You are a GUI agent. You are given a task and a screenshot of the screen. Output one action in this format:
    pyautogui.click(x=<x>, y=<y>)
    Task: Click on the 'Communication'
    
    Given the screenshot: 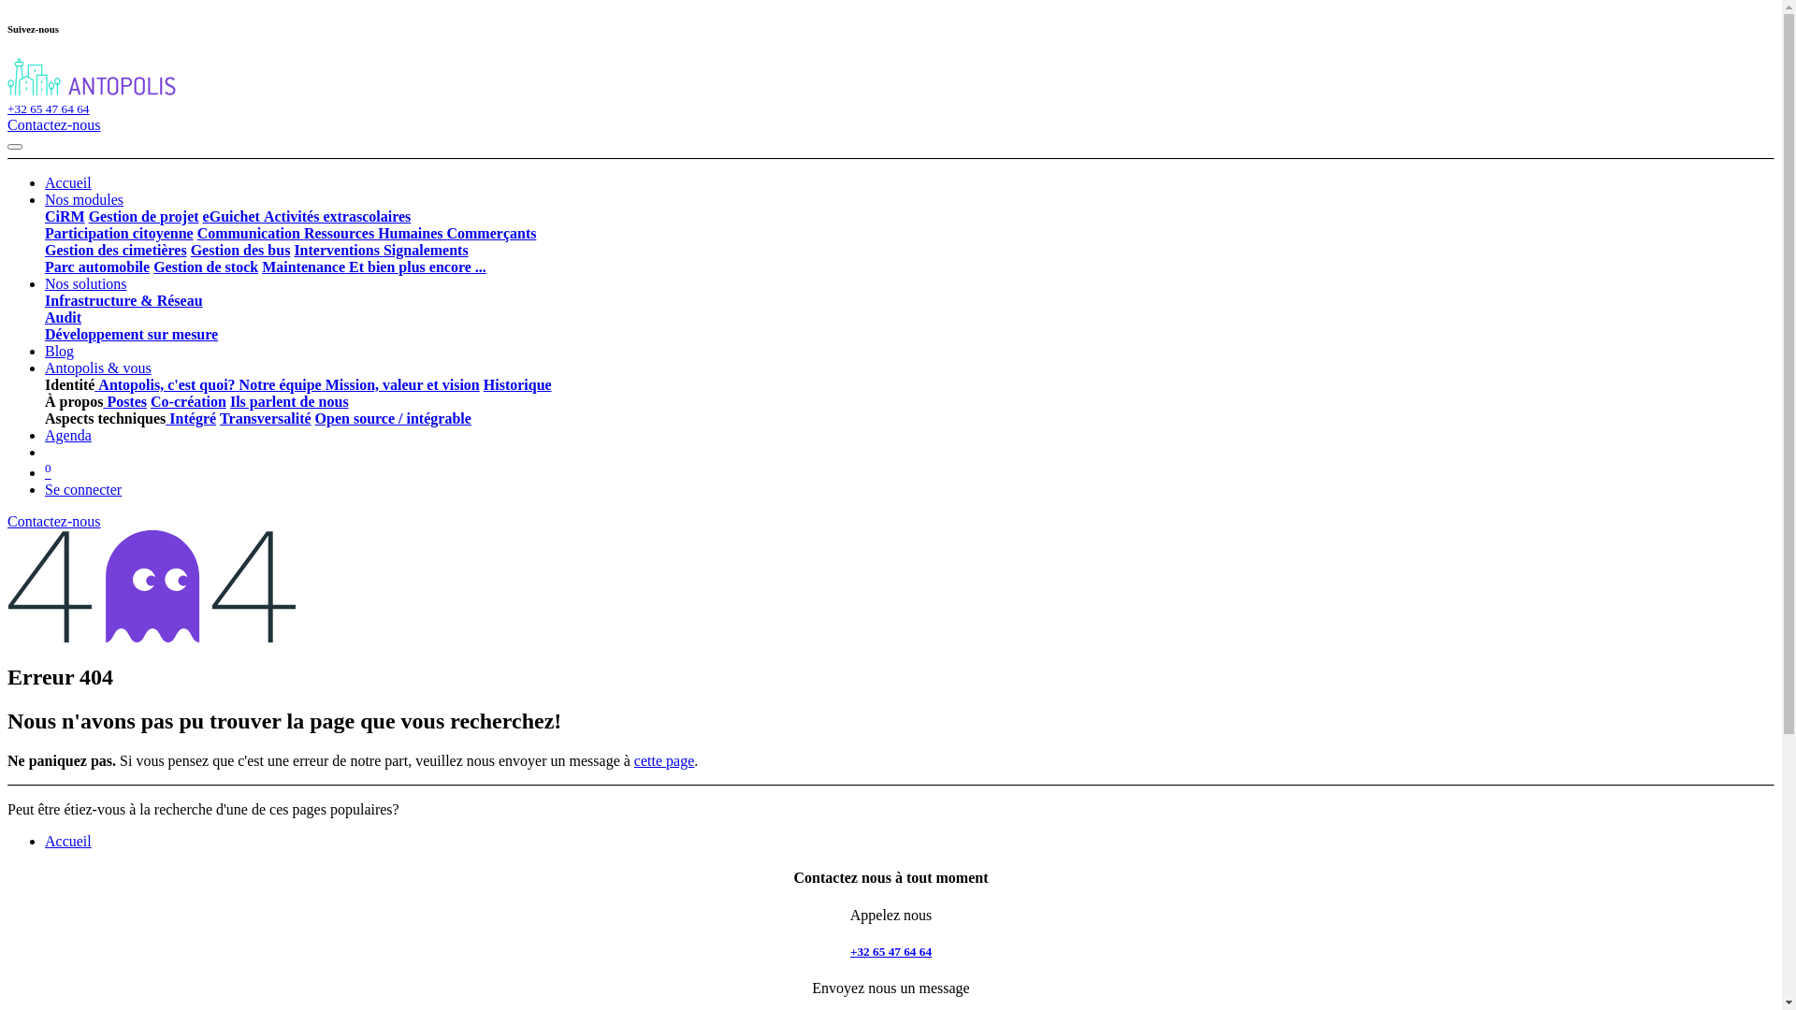 What is the action you would take?
    pyautogui.click(x=247, y=232)
    